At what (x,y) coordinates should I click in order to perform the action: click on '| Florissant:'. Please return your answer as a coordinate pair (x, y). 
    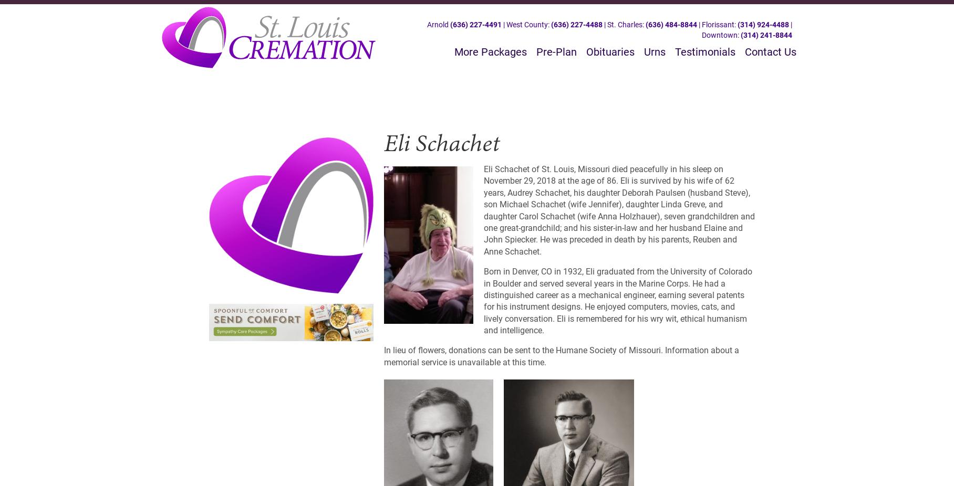
    Looking at the image, I should click on (696, 24).